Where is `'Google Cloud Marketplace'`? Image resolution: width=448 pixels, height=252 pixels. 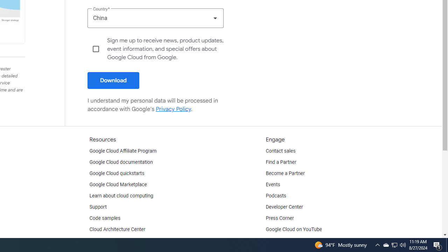
'Google Cloud Marketplace' is located at coordinates (118, 184).